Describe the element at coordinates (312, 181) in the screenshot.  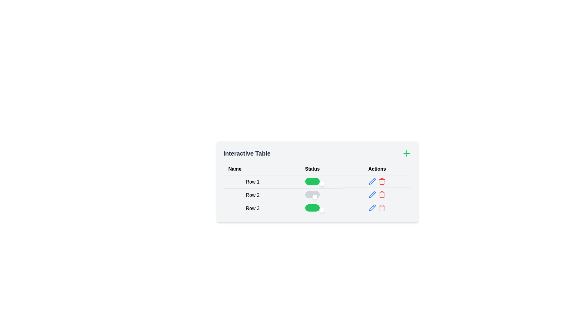
I see `the toggle switch in the second column of the first row in the 'Interactive Table' to trigger hover-interaction effects` at that location.